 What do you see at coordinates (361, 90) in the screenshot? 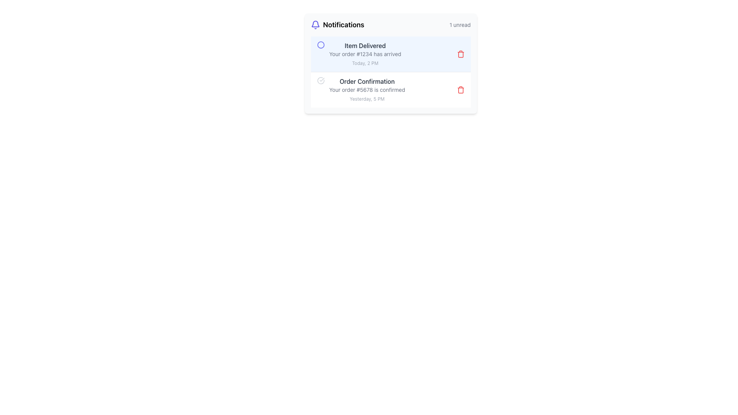
I see `the second notification card that confirms the successful order, located under the 'Item Delivered' notification in the 'Notifications' section` at bounding box center [361, 90].